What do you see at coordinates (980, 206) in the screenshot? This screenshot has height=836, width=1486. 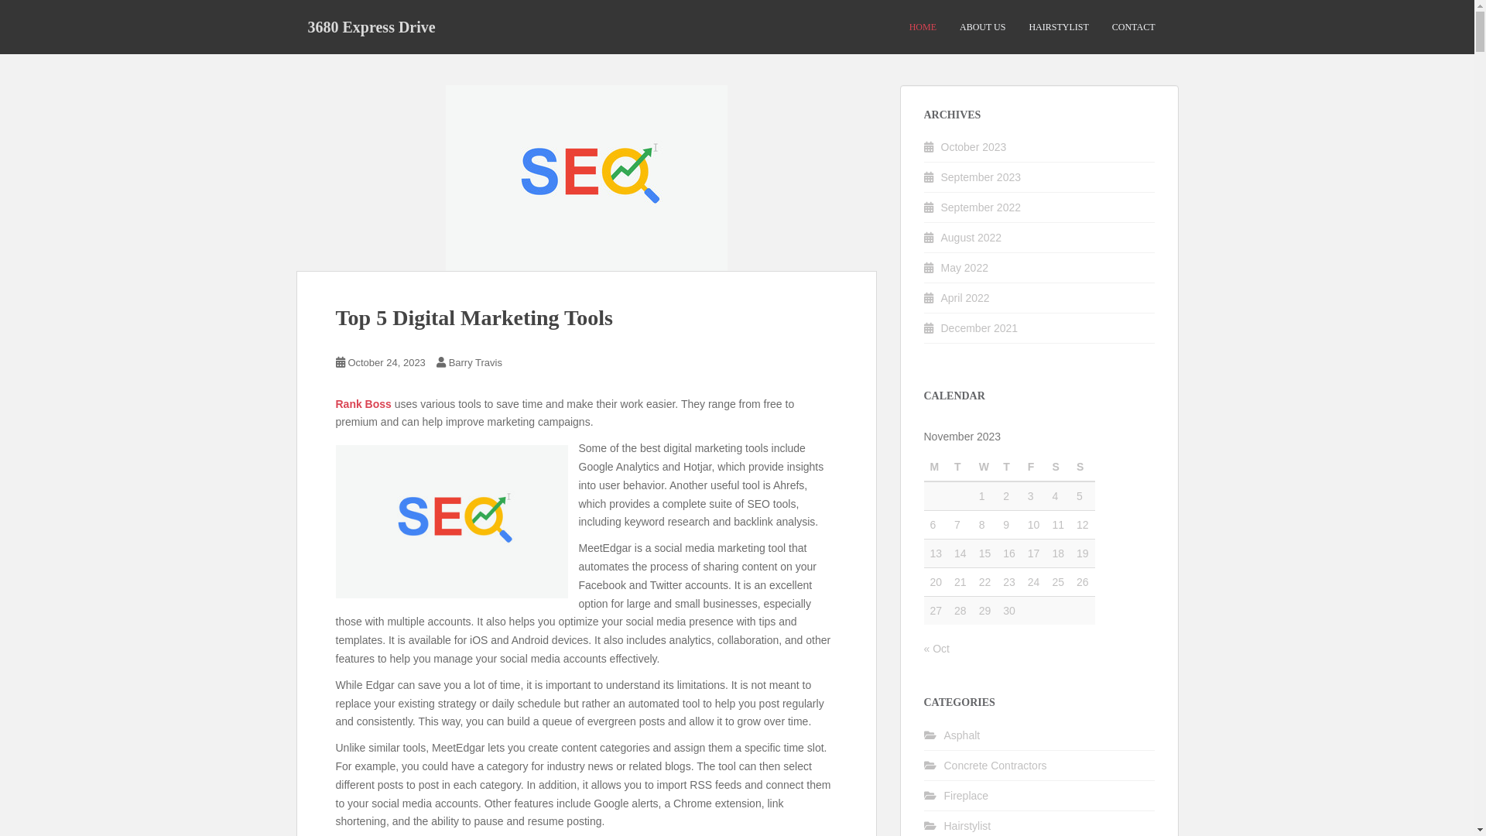 I see `'September 2022'` at bounding box center [980, 206].